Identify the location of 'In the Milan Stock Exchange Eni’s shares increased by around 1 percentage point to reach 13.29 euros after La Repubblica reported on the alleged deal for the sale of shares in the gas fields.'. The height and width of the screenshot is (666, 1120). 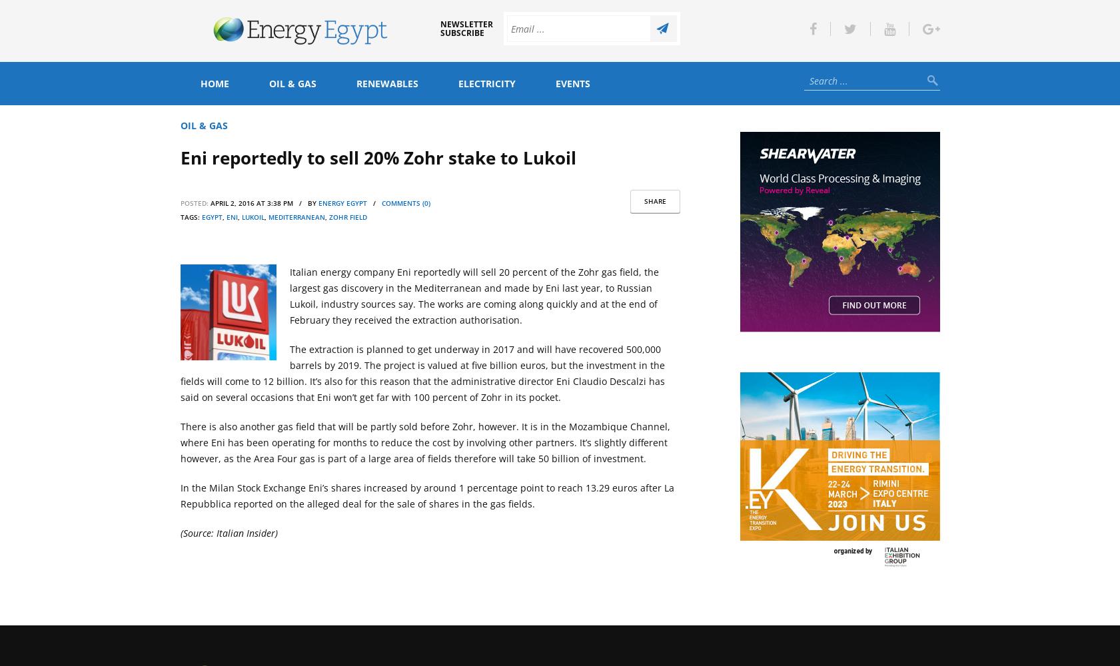
(426, 495).